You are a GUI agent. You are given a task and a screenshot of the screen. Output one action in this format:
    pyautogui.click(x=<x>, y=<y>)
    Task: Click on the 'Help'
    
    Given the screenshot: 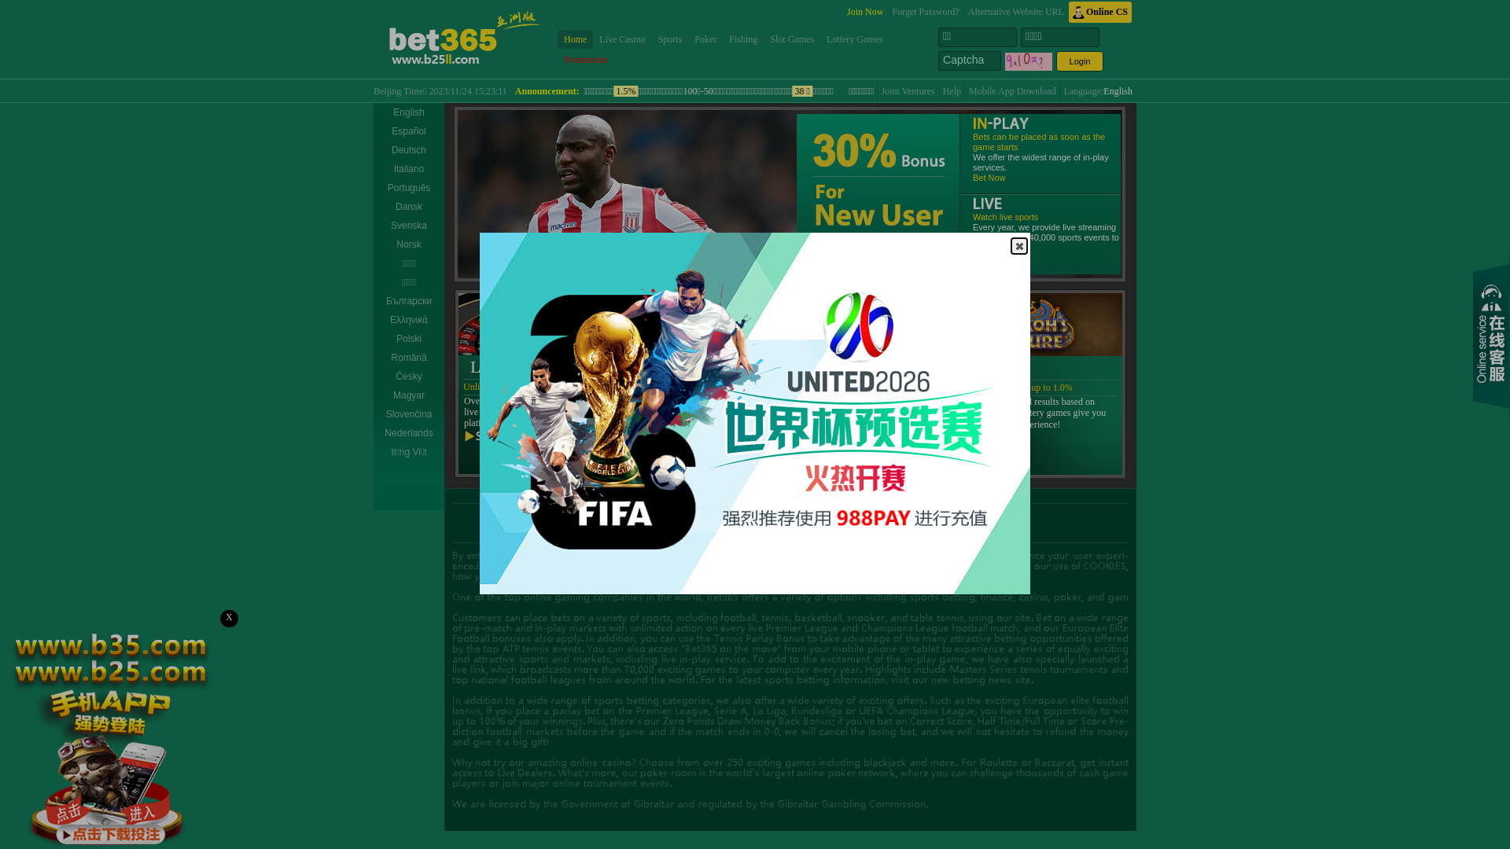 What is the action you would take?
    pyautogui.click(x=951, y=90)
    